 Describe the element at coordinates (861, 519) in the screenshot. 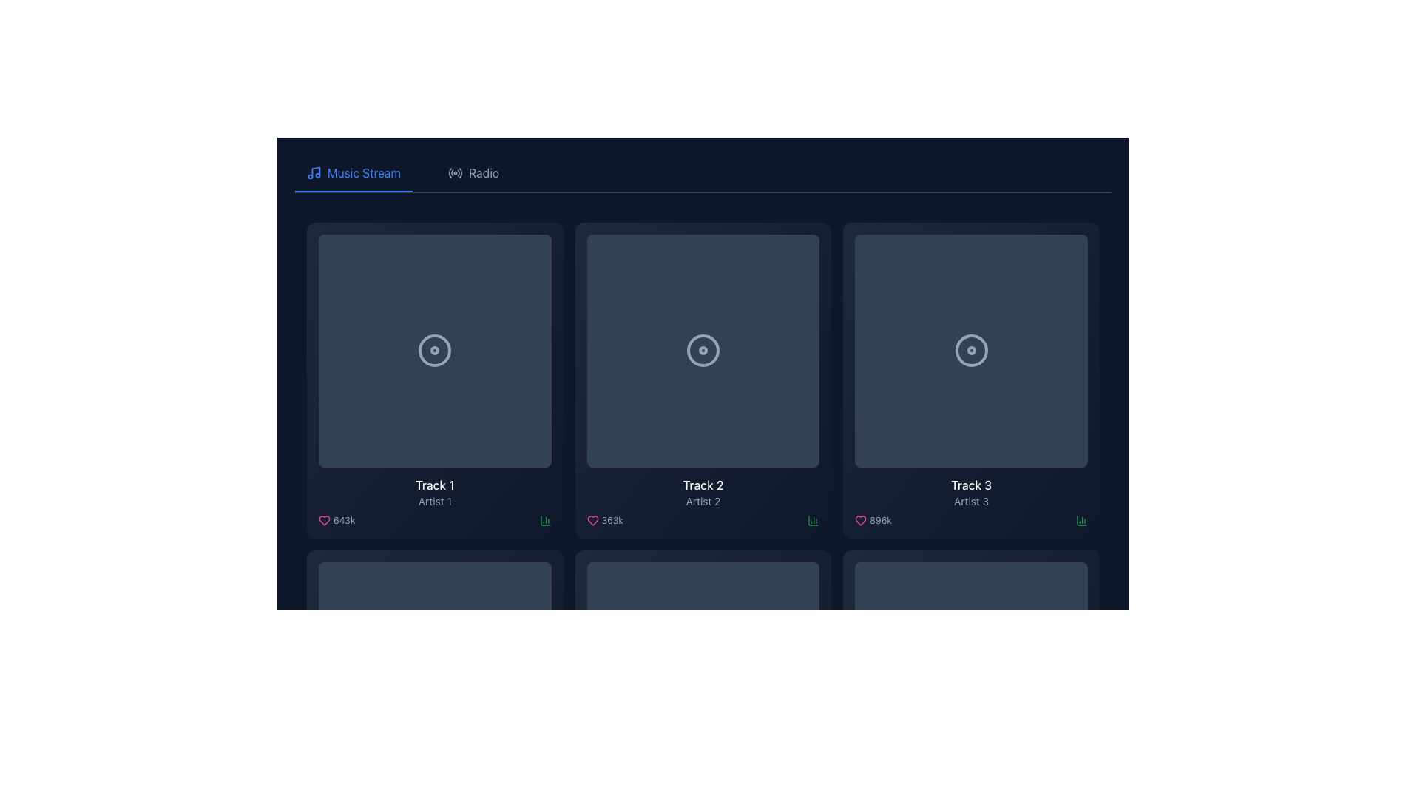

I see `the pink heart-shaped SVG icon located at the bottom-left corner of the 'Track 2' card` at that location.